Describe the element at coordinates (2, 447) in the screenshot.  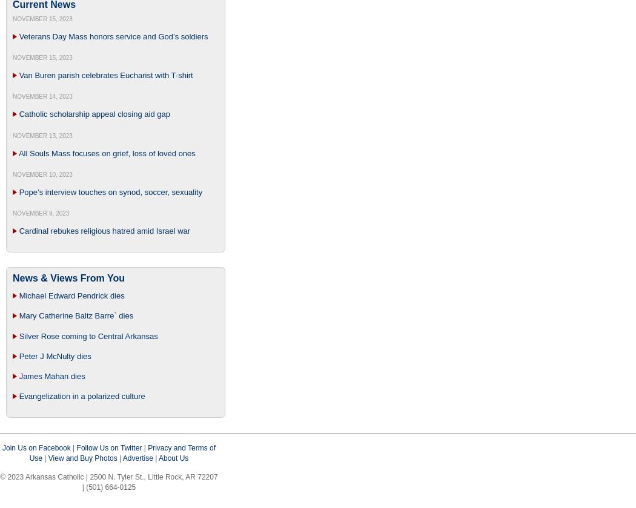
I see `'Join Us on Facebook'` at that location.